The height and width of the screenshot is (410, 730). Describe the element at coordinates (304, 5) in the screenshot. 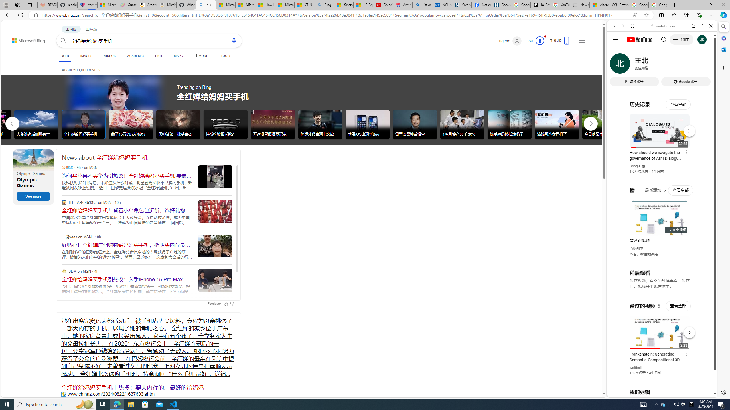

I see `'CNN - MSN'` at that location.